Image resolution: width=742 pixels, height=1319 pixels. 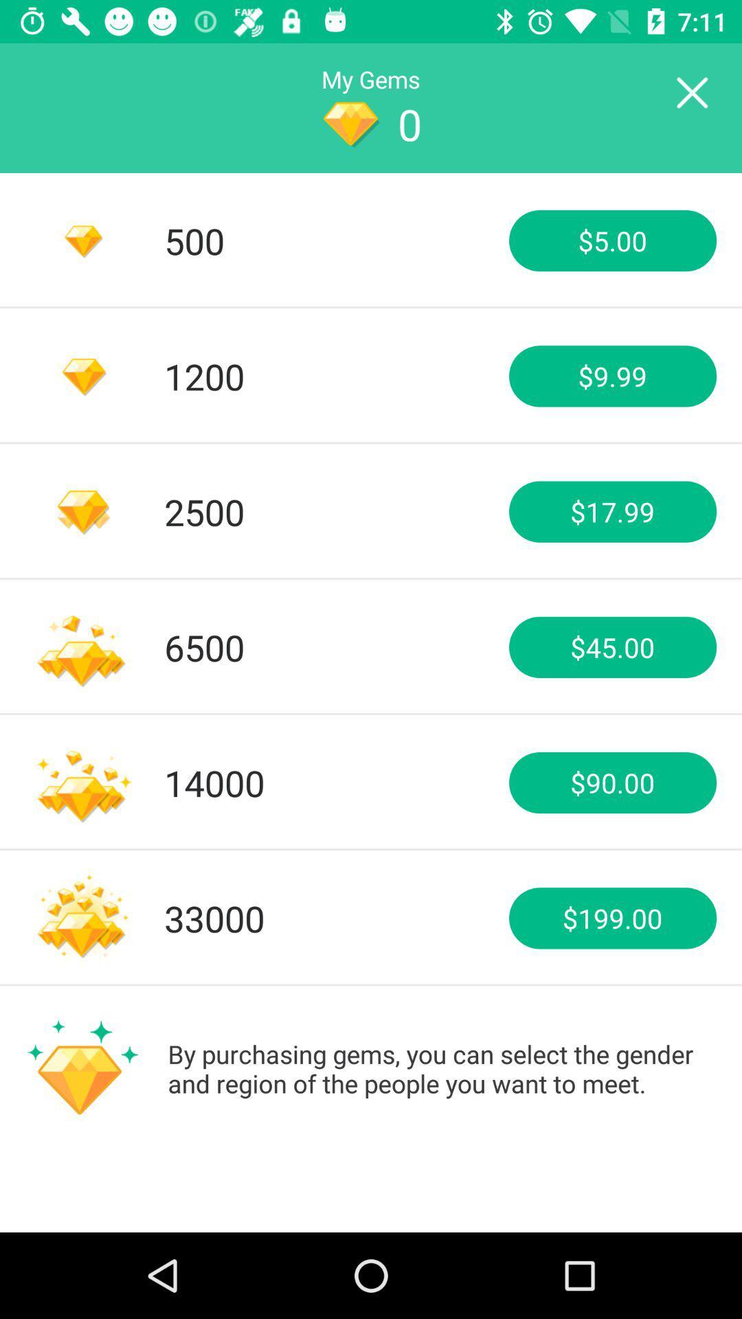 I want to click on the diamond icon at left side of number 500, so click(x=82, y=240).